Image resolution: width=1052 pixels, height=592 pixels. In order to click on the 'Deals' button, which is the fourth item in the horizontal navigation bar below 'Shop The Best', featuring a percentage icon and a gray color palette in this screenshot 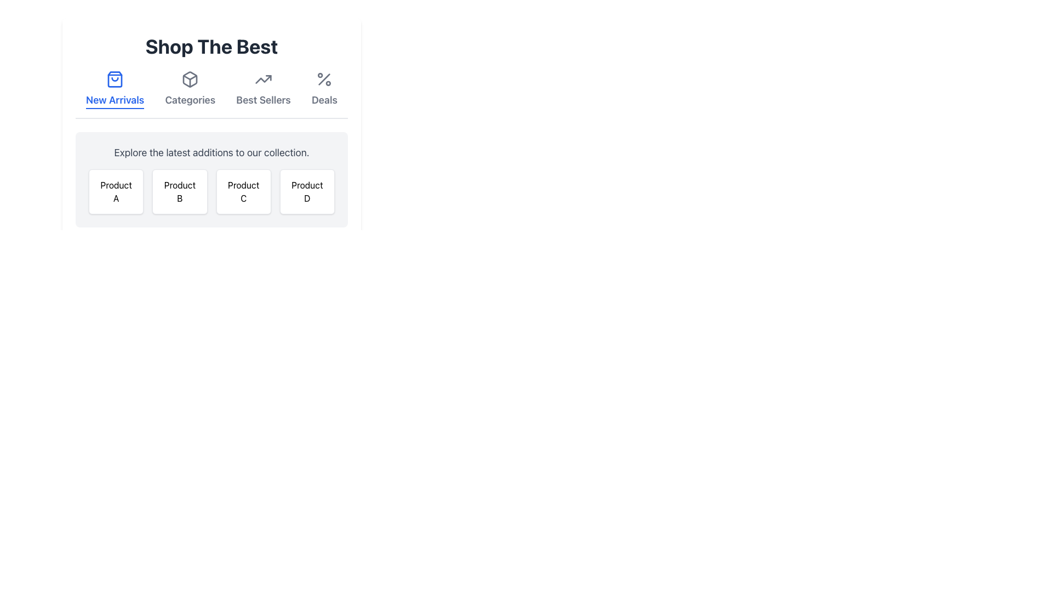, I will do `click(324, 89)`.